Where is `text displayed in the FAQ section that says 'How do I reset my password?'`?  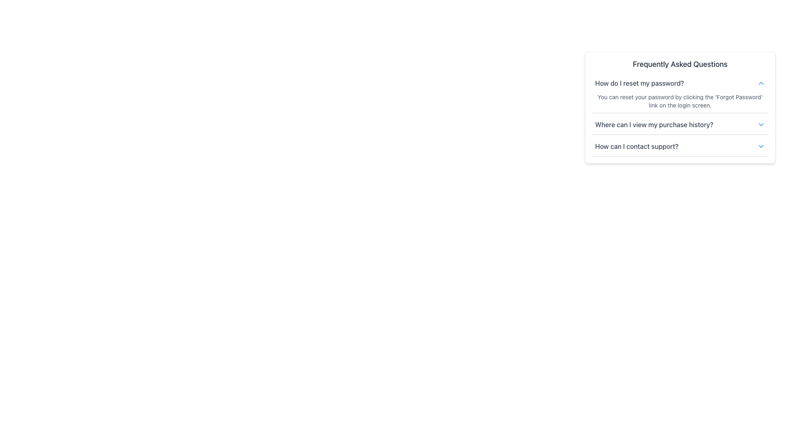 text displayed in the FAQ section that says 'How do I reset my password?' is located at coordinates (639, 83).